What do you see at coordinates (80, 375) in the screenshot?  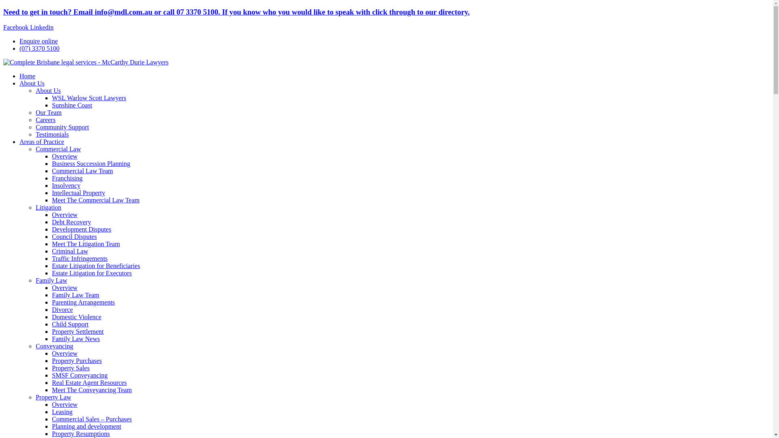 I see `'SMSF Conveyancing'` at bounding box center [80, 375].